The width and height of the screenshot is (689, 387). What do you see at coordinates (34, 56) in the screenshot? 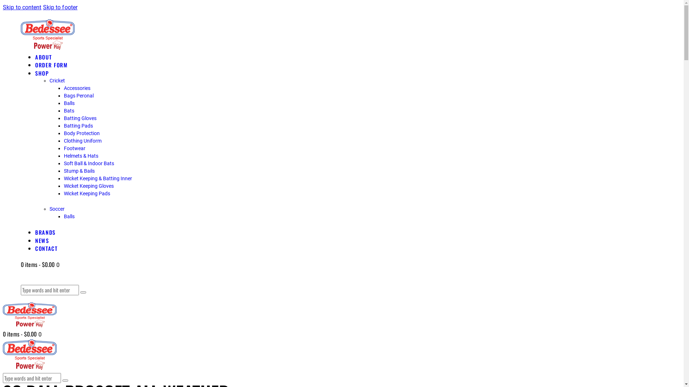
I see `'ABOUT'` at bounding box center [34, 56].